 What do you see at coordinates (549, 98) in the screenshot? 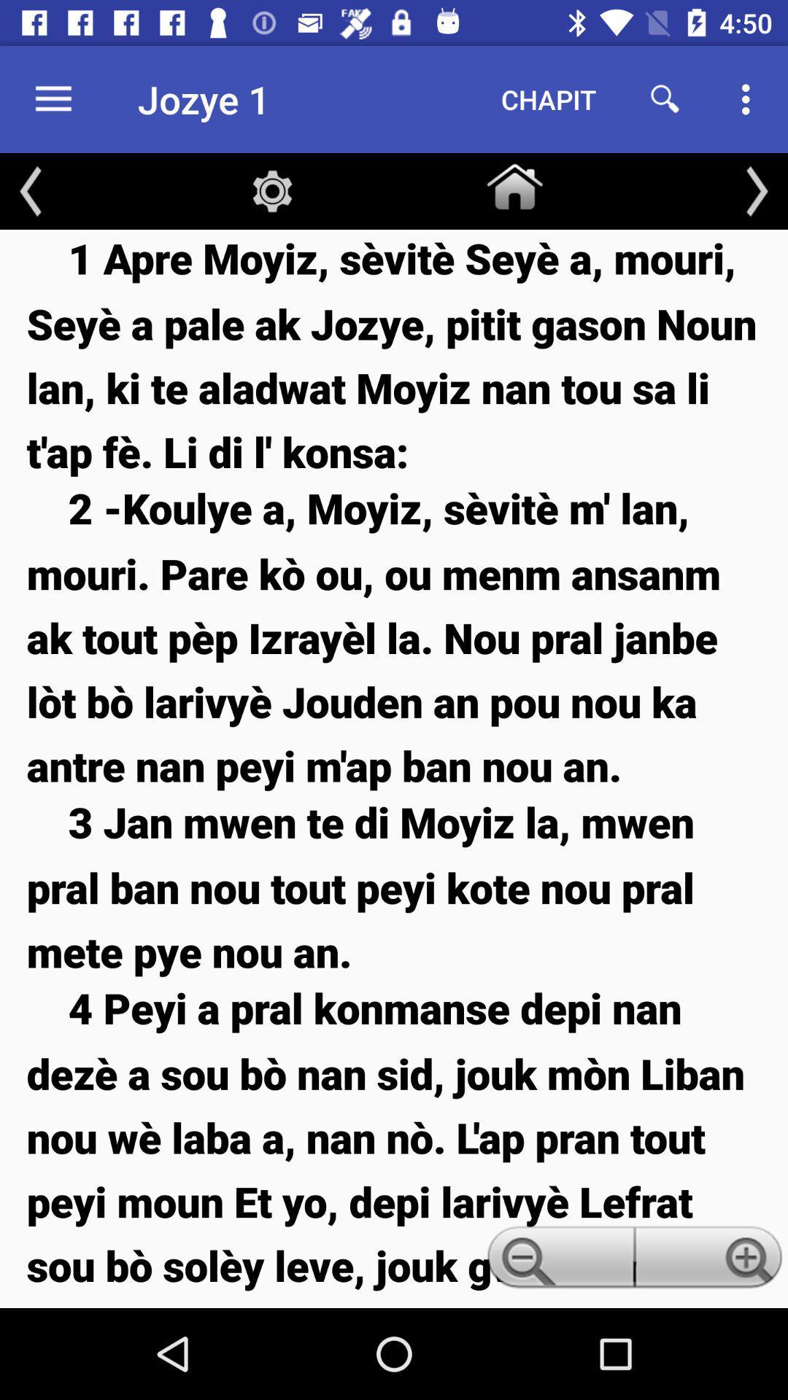
I see `chapit icon` at bounding box center [549, 98].